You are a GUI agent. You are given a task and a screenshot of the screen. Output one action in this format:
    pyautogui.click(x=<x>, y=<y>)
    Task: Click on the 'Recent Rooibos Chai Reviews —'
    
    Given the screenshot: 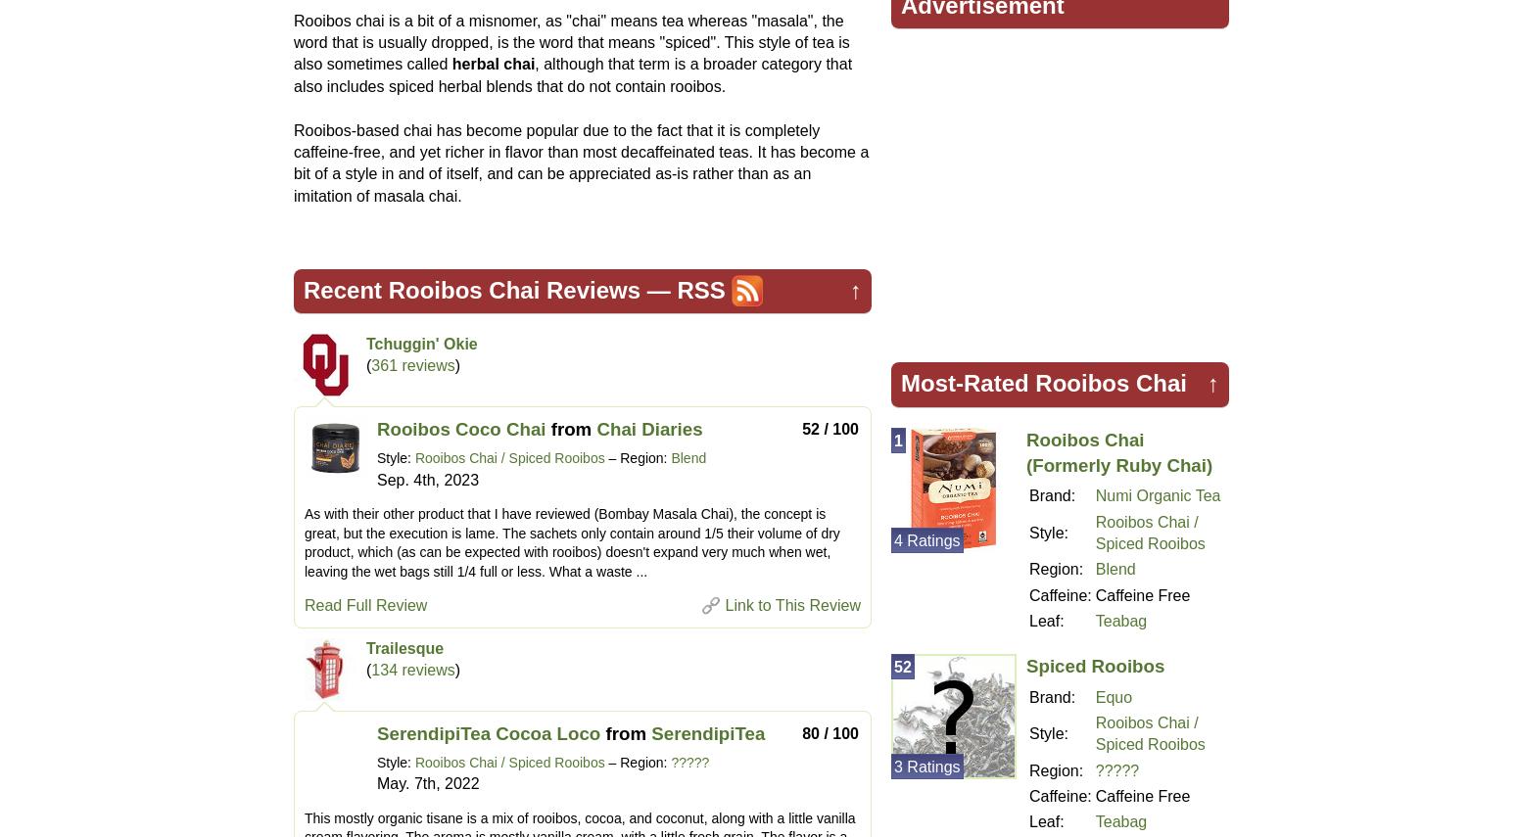 What is the action you would take?
    pyautogui.click(x=489, y=289)
    